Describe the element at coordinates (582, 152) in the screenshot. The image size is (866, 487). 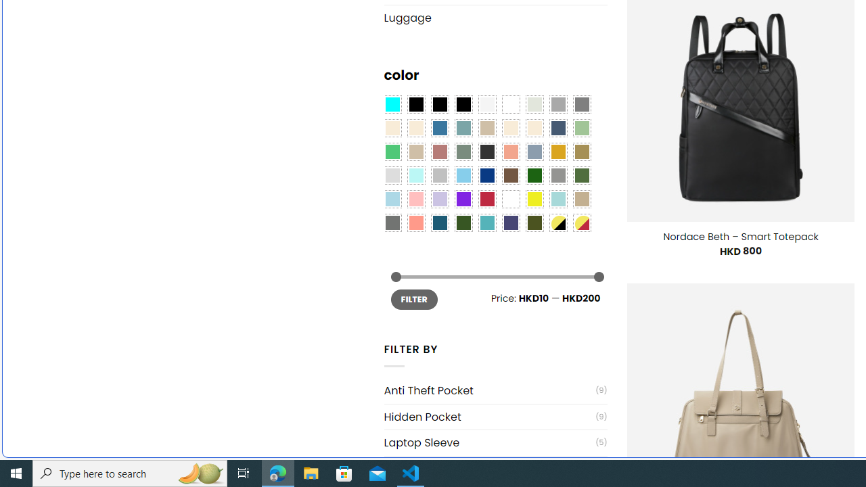
I see `'Kelp'` at that location.